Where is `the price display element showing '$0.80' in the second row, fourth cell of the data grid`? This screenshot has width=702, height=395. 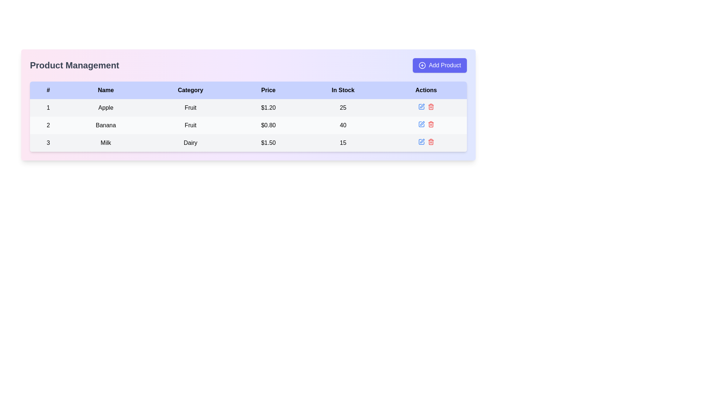
the price display element showing '$0.80' in the second row, fourth cell of the data grid is located at coordinates (268, 125).